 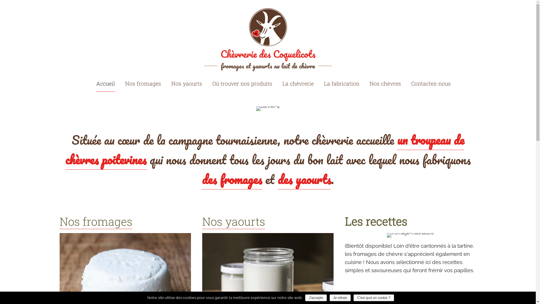 I want to click on 'fromage-fraisnature', so click(x=410, y=235).